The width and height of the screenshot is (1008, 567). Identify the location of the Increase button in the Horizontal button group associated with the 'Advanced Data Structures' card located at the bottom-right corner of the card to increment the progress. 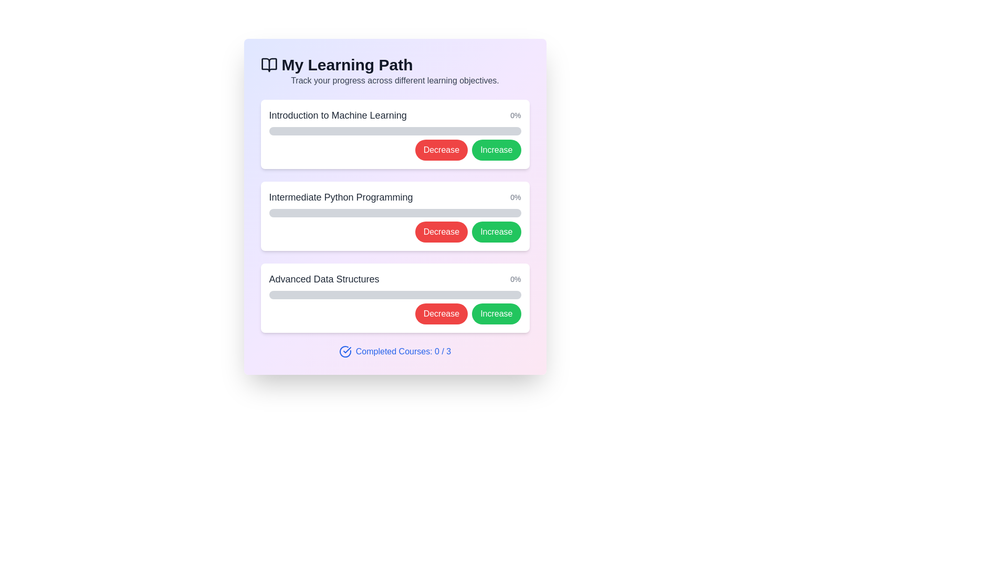
(394, 313).